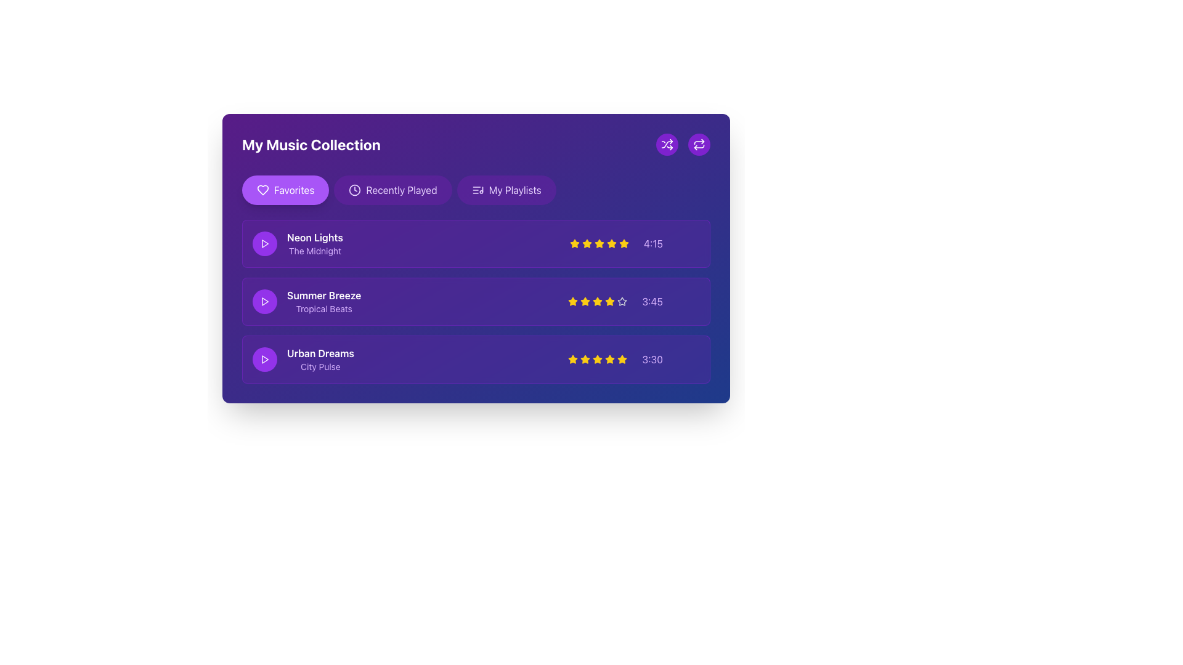 The width and height of the screenshot is (1183, 665). Describe the element at coordinates (320, 353) in the screenshot. I see `title text label of the playlist entry labeled 'Urban Dreams', which is positioned above the subtitle 'City Pulse'` at that location.